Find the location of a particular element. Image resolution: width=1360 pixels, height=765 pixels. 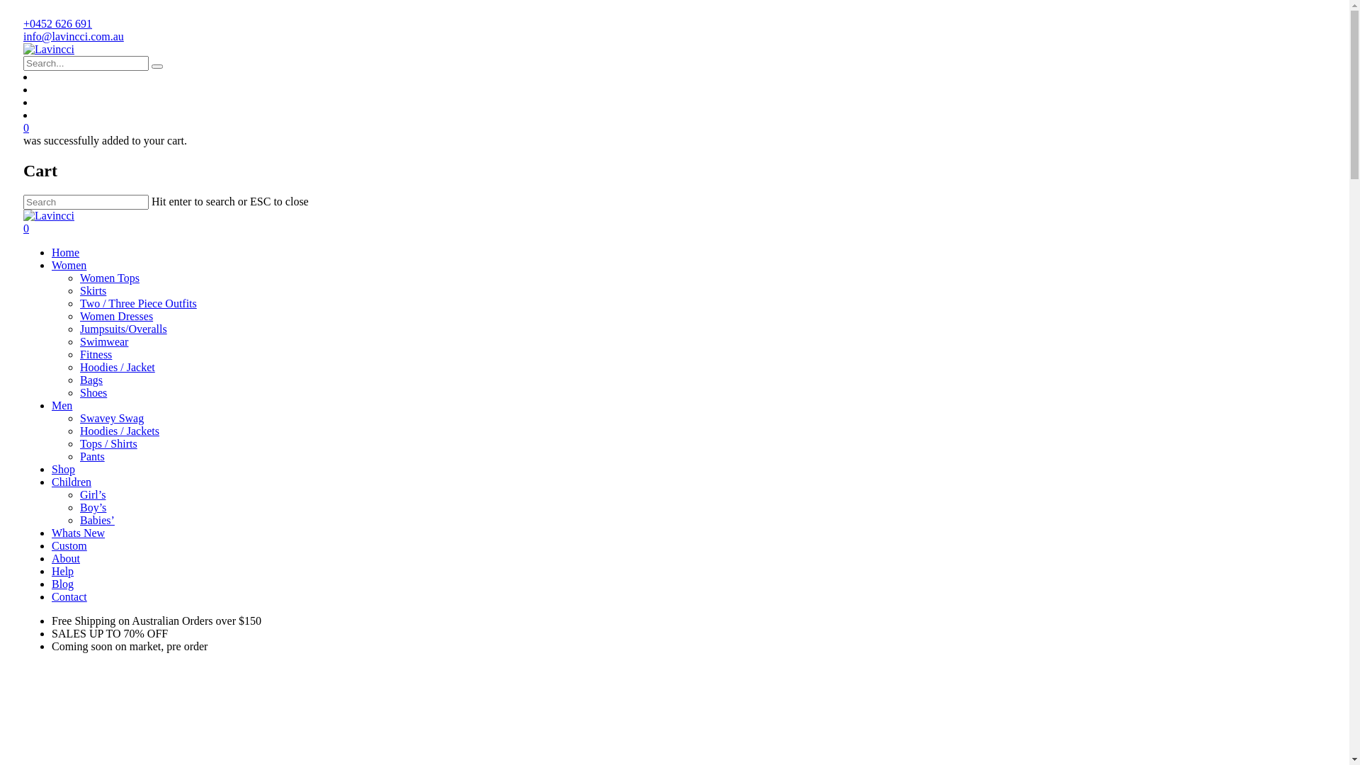

'Two / Three Piece Outfits' is located at coordinates (138, 302).